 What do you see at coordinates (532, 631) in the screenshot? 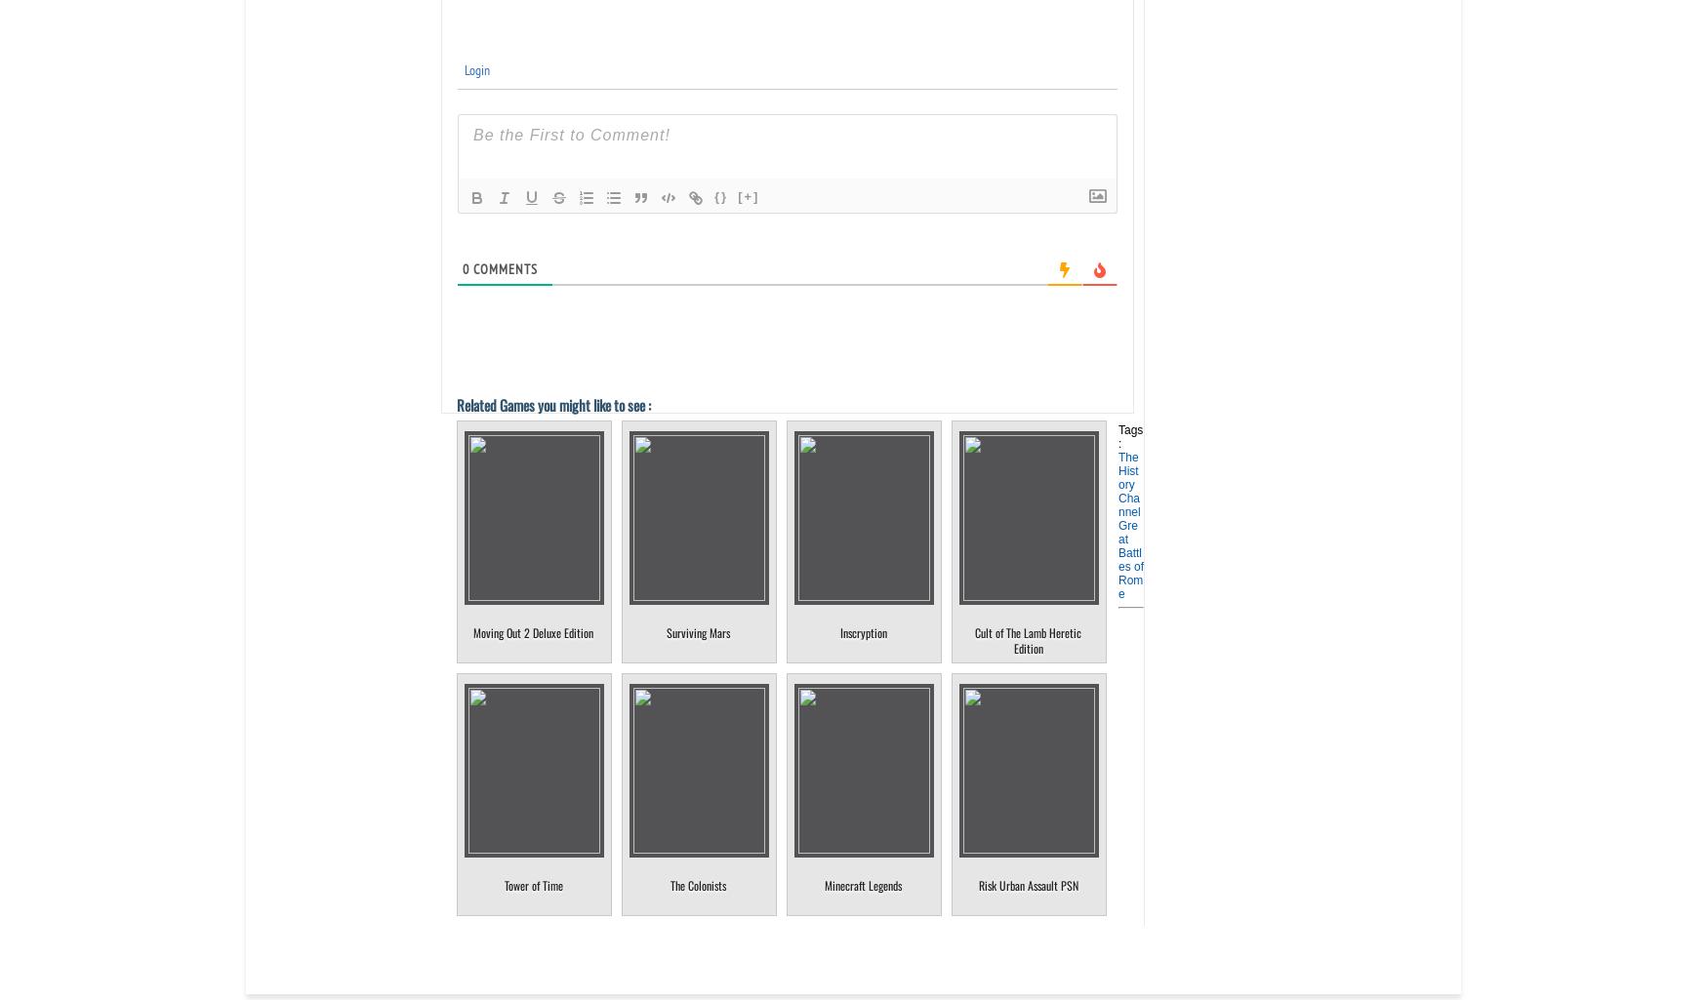
I see `'Moving Out 2 Deluxe Edition'` at bounding box center [532, 631].